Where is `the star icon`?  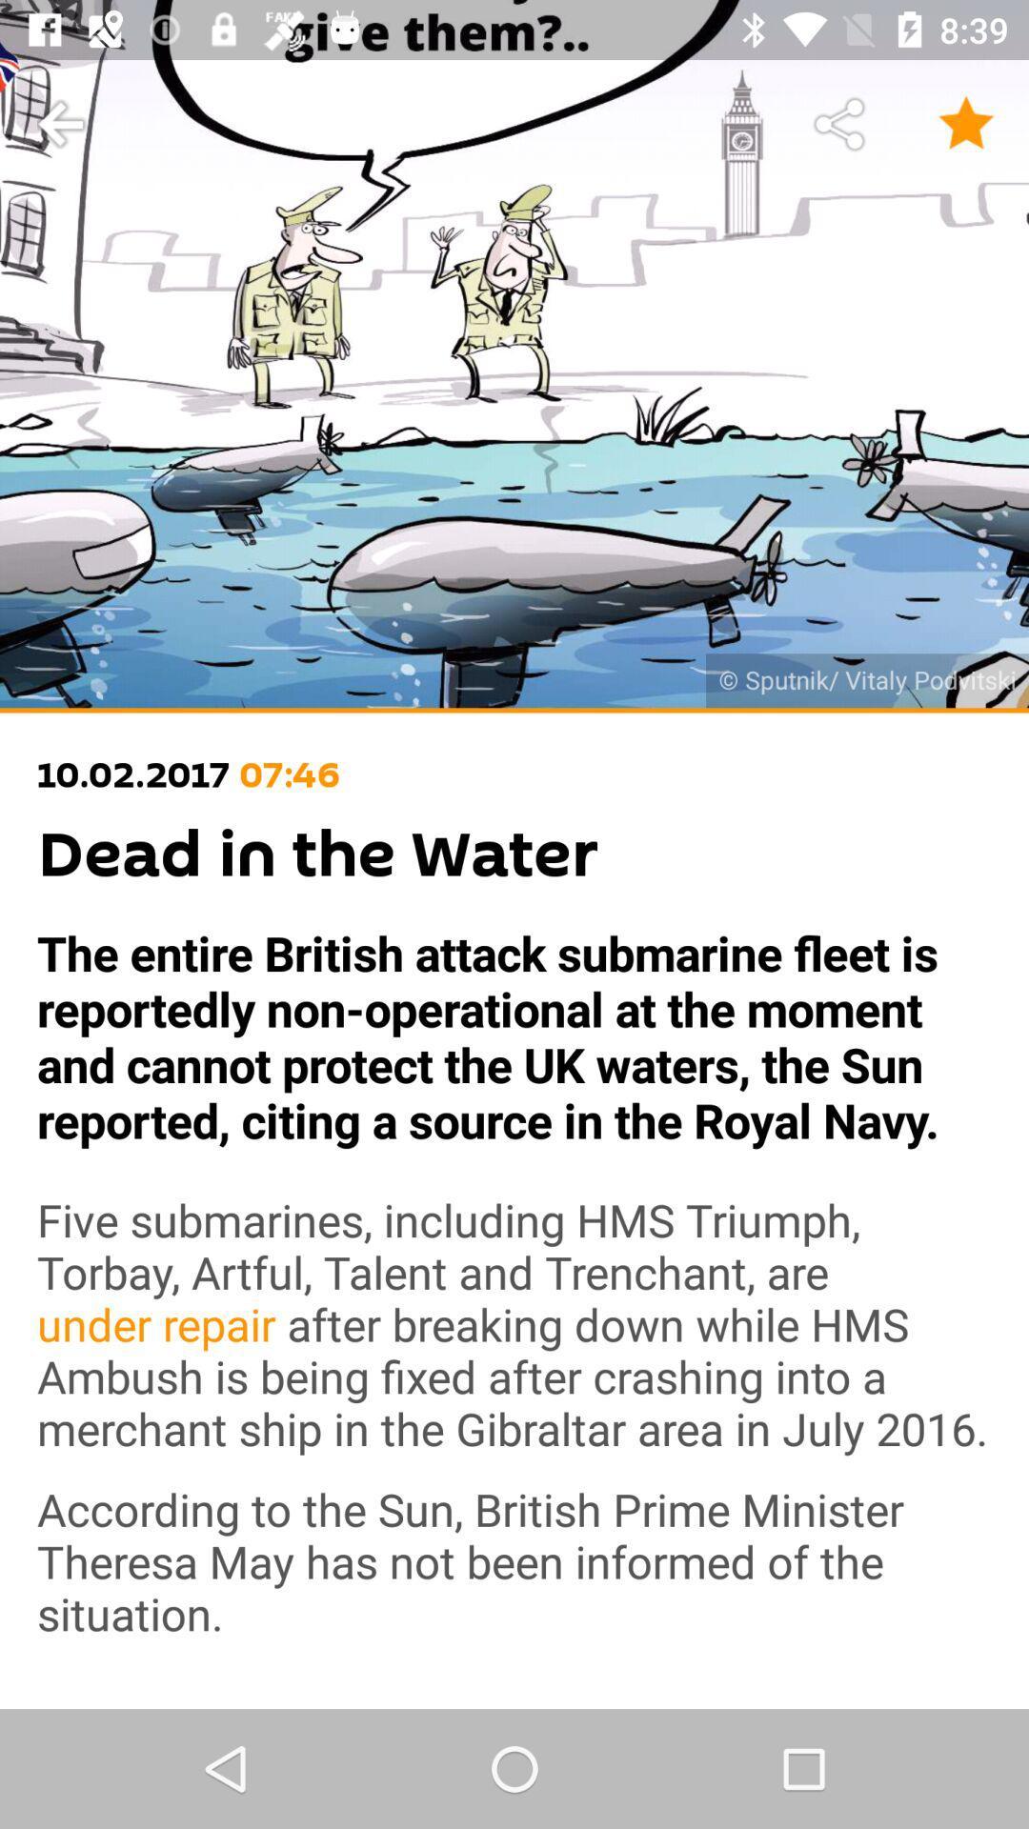
the star icon is located at coordinates (966, 124).